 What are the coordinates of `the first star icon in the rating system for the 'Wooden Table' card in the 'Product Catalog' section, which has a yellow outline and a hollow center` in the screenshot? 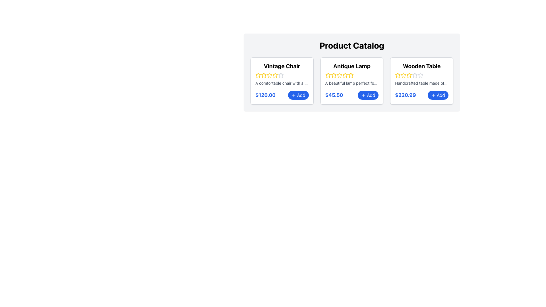 It's located at (398, 75).